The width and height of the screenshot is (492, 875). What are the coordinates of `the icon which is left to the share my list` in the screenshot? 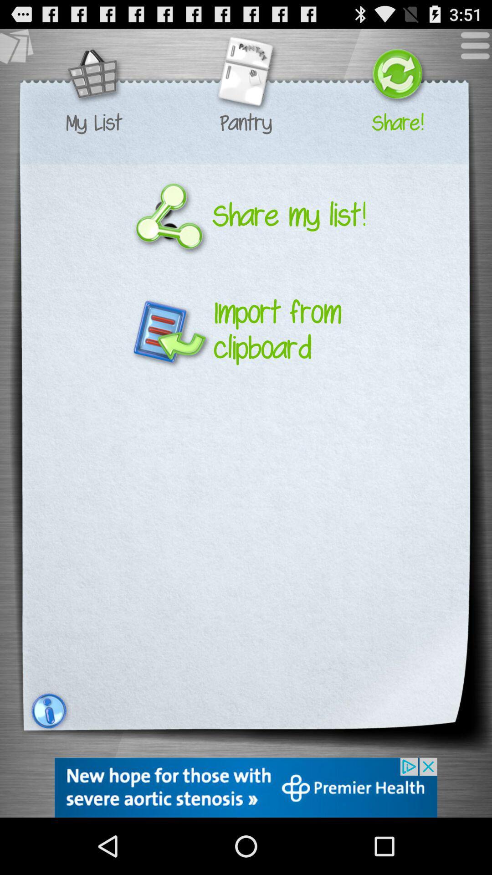 It's located at (169, 216).